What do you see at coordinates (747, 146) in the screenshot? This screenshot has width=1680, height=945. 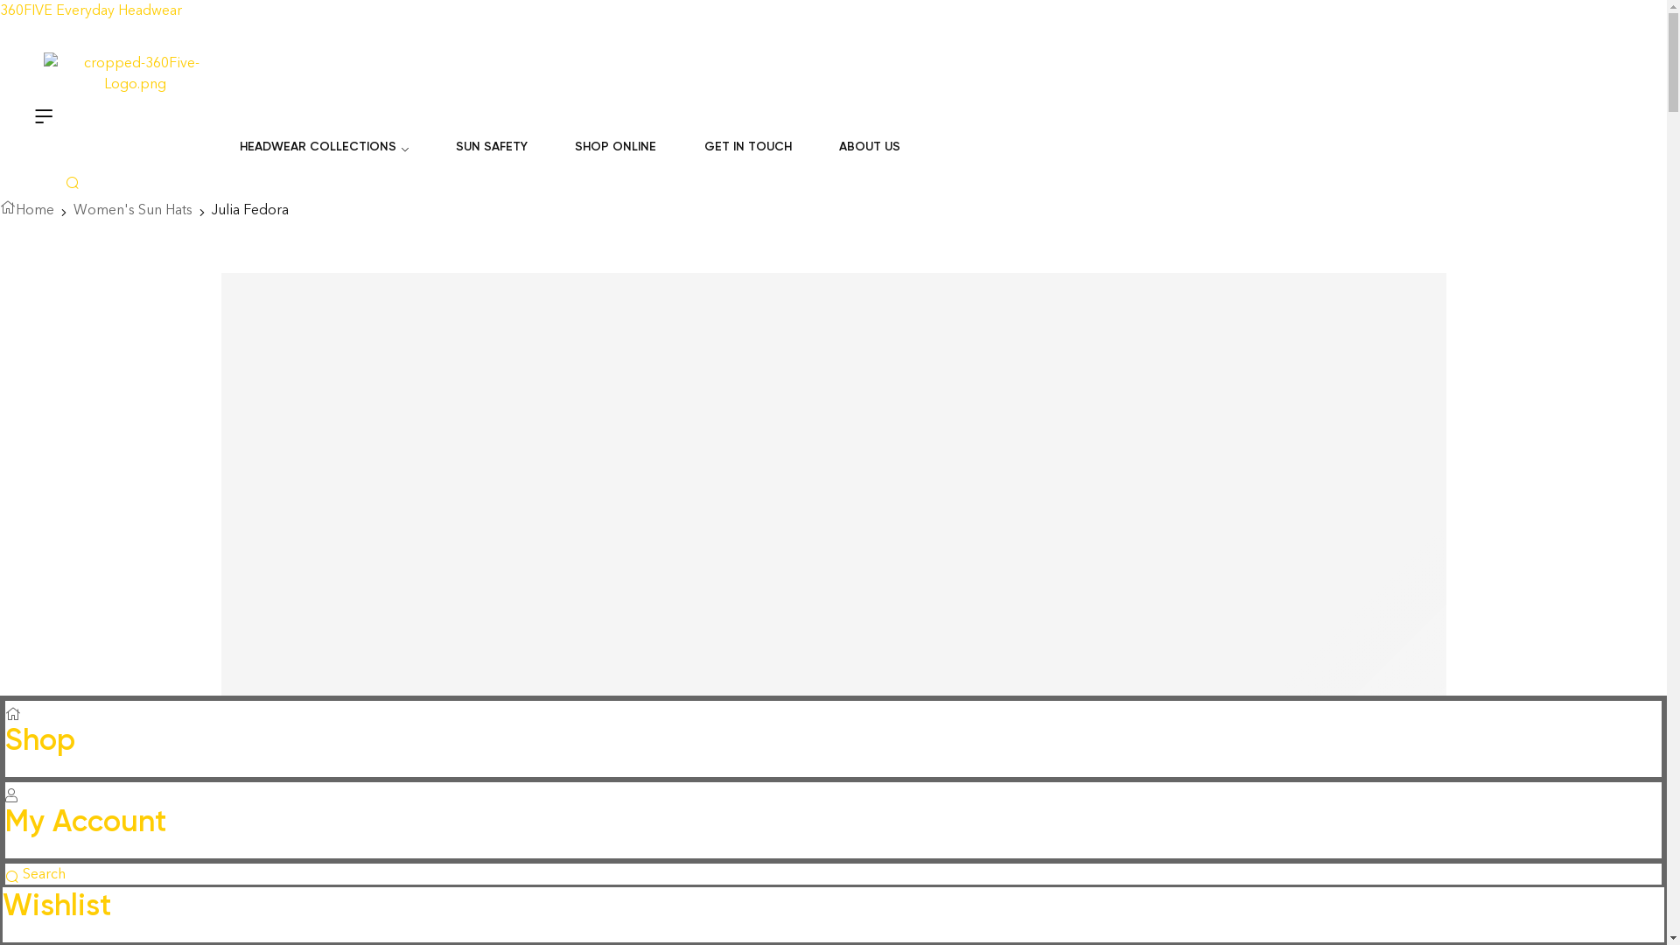 I see `'GET IN TOUCH'` at bounding box center [747, 146].